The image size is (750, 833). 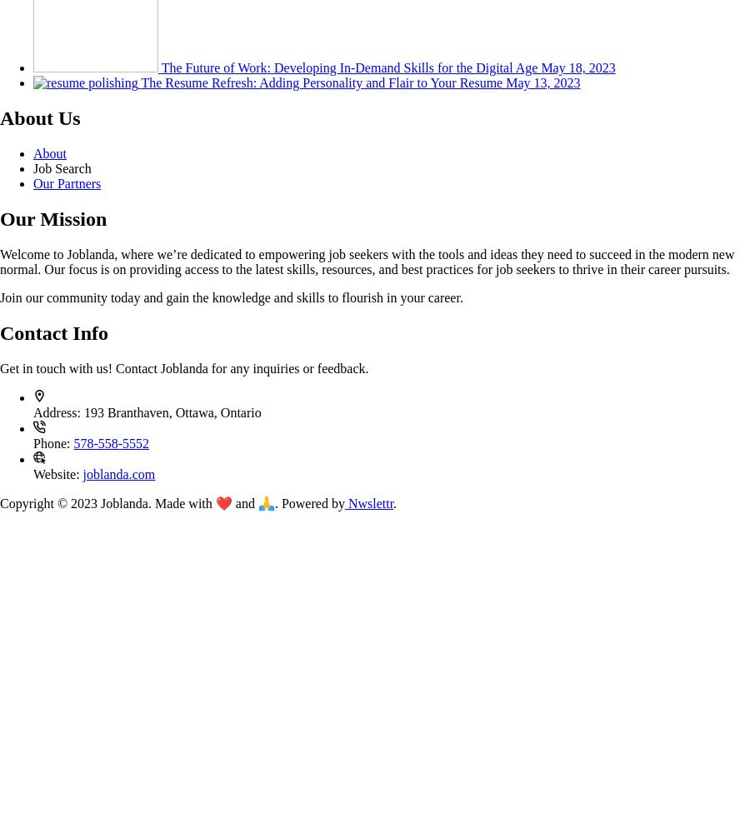 What do you see at coordinates (0, 501) in the screenshot?
I see `'Copyright © 2023 Joblanda. Made with ❤️ and 🙏. Powered by'` at bounding box center [0, 501].